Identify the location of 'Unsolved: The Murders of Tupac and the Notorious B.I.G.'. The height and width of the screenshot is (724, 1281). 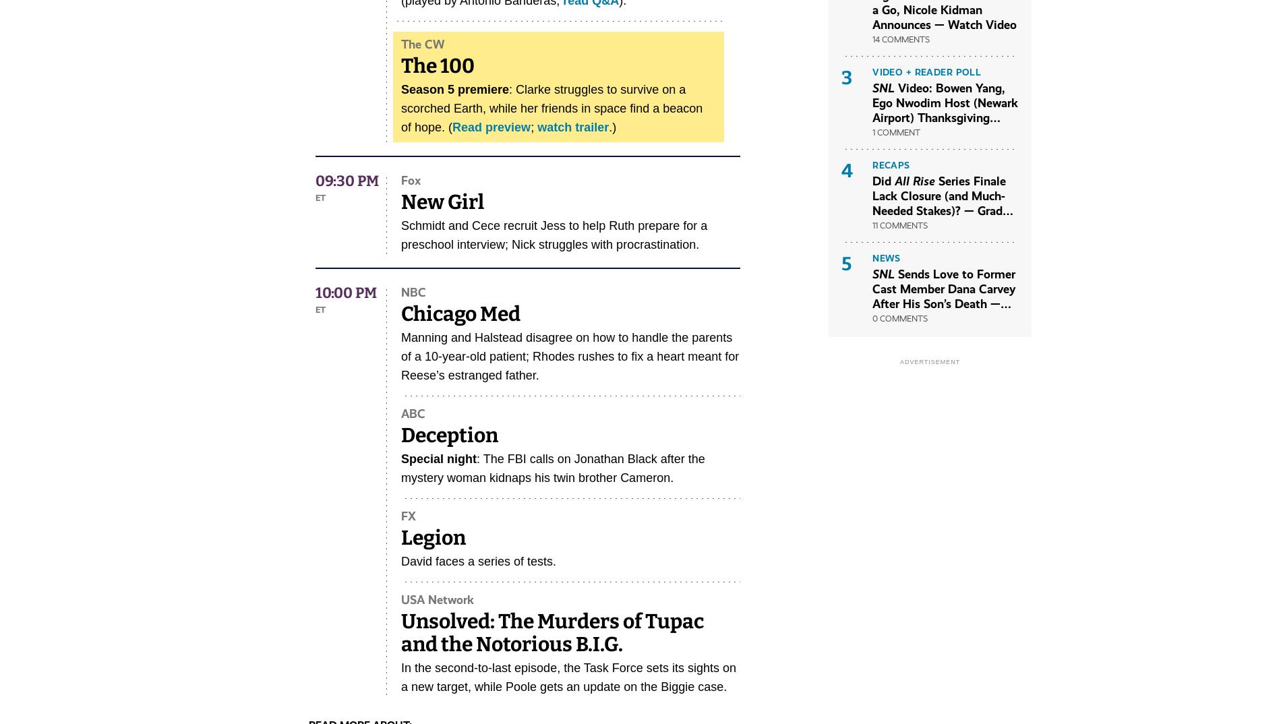
(552, 632).